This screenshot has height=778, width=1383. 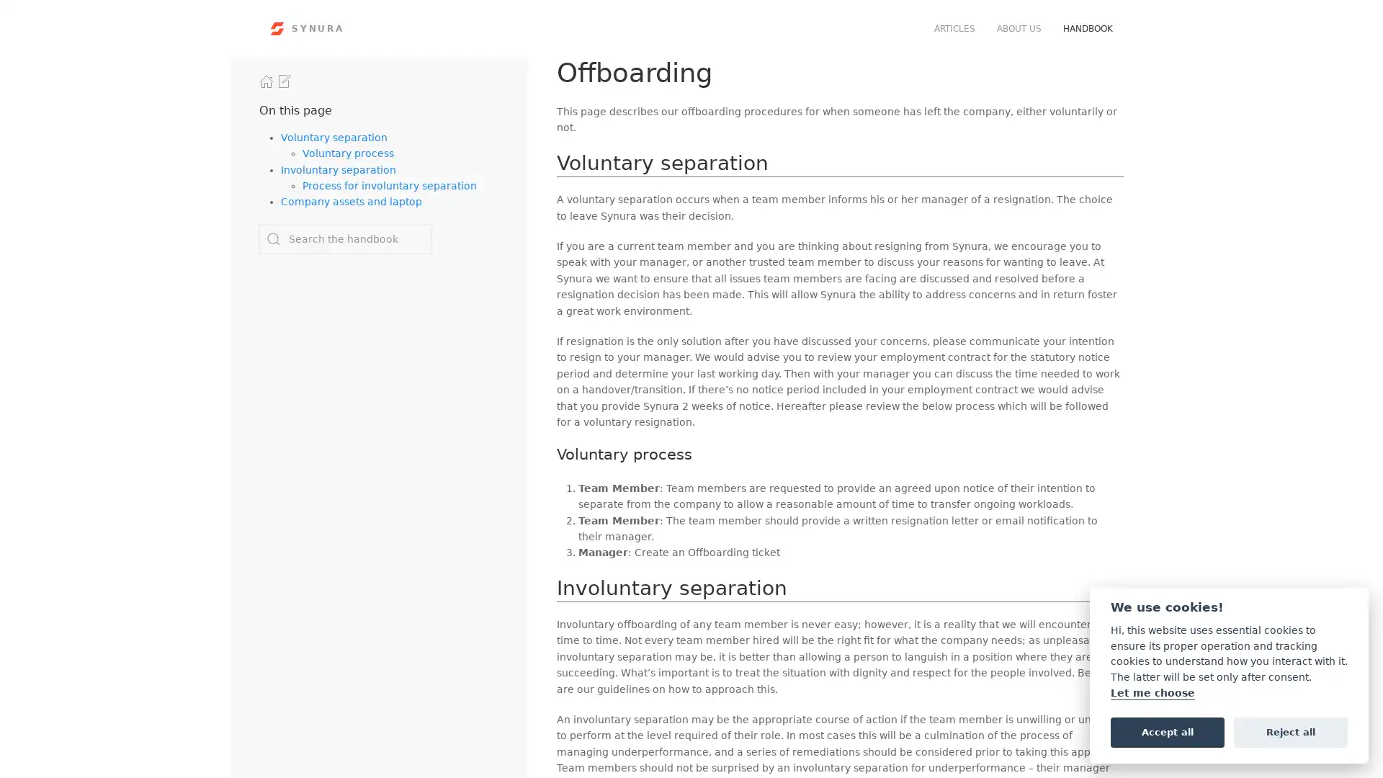 I want to click on Accept all, so click(x=1167, y=731).